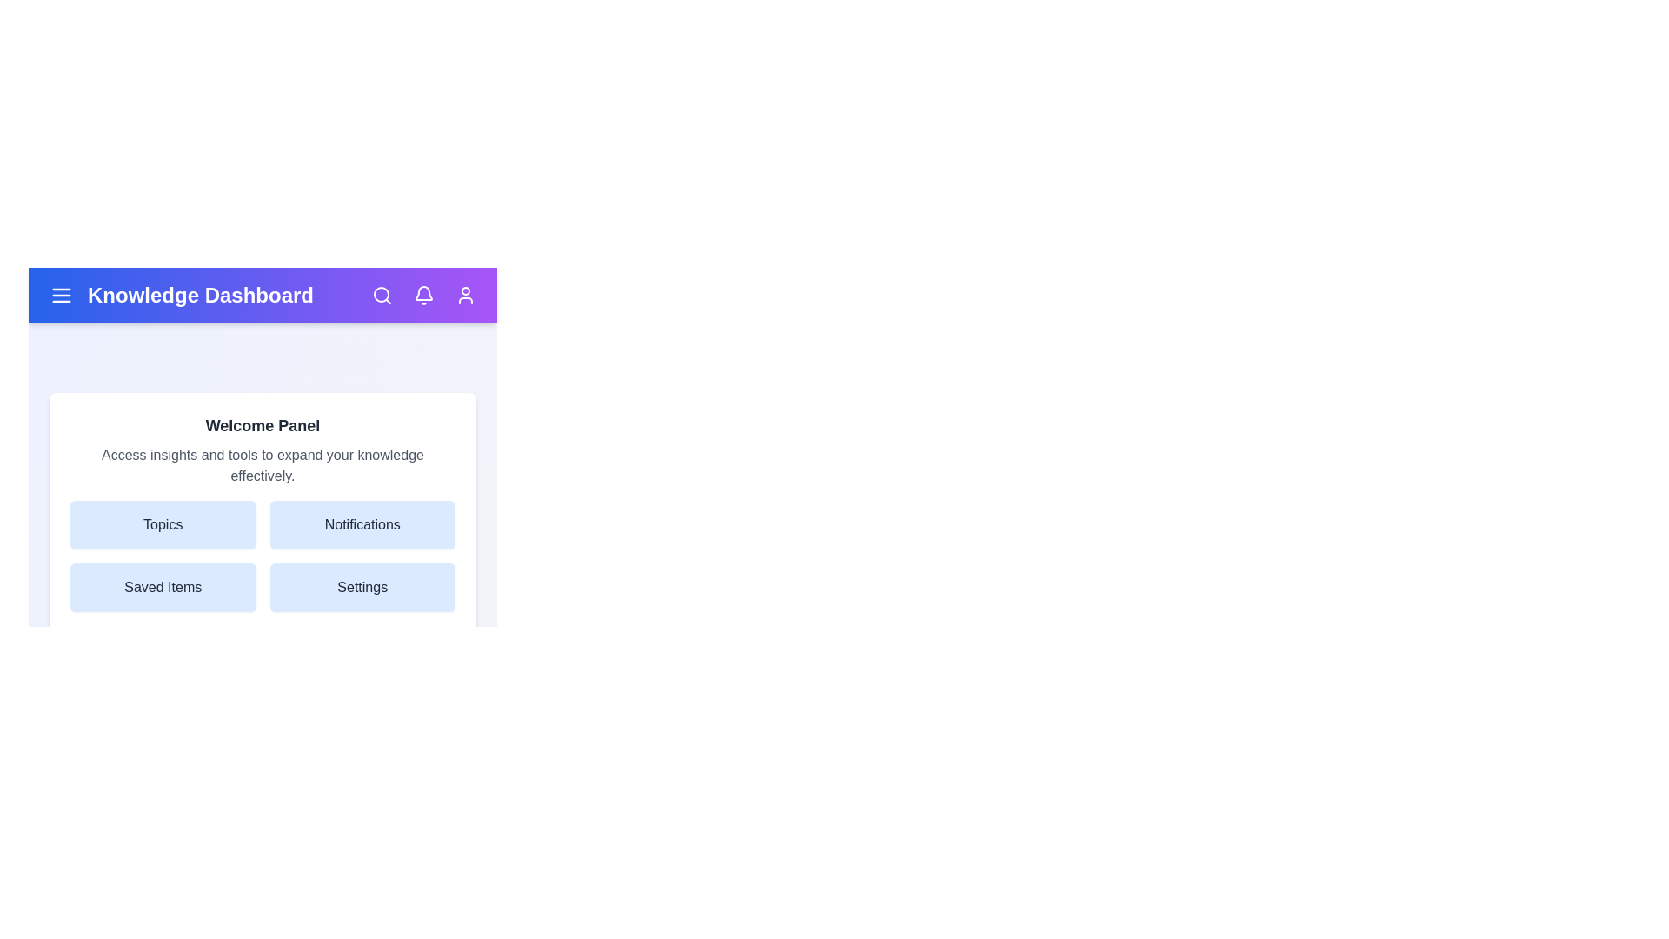 The height and width of the screenshot is (939, 1669). What do you see at coordinates (382, 294) in the screenshot?
I see `the search icon in the KnowledgeAppBar` at bounding box center [382, 294].